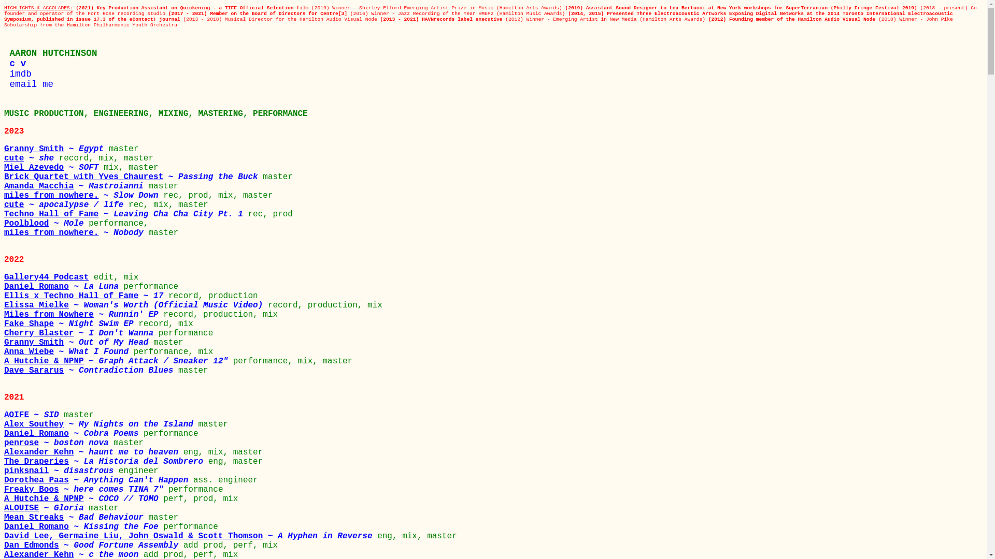  I want to click on 'Miles from Nowhere ~ Runnin' EP', so click(83, 314).